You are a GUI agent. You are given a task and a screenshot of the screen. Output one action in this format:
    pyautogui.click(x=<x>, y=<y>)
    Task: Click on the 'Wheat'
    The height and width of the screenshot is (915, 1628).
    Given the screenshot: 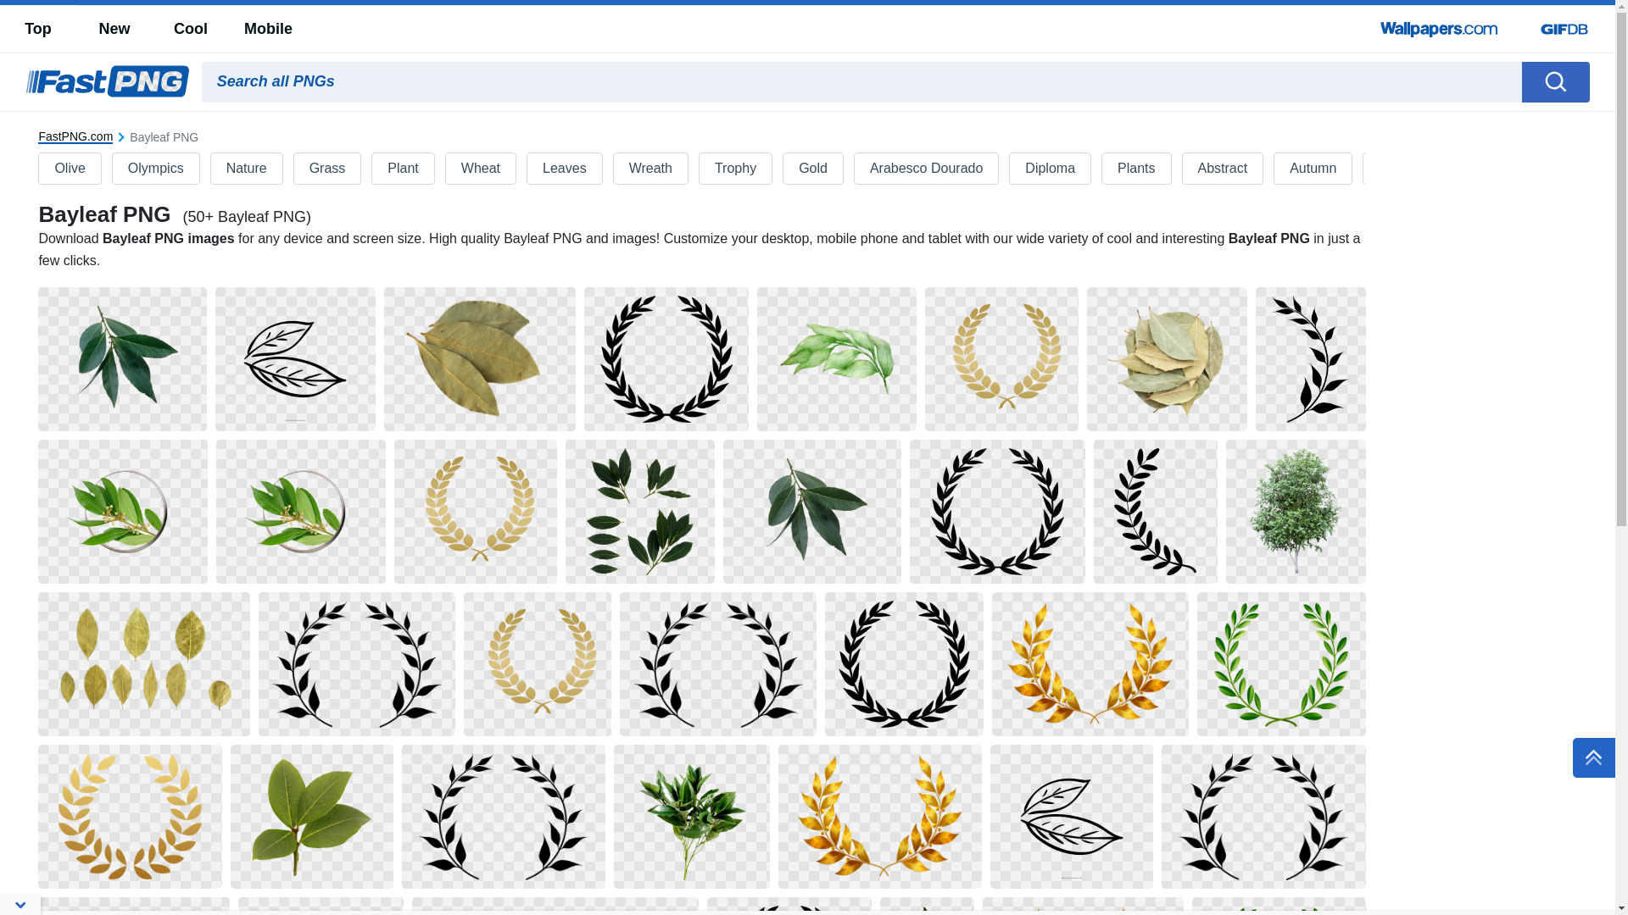 What is the action you would take?
    pyautogui.click(x=479, y=169)
    